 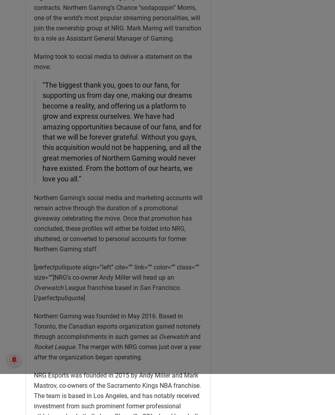 What do you see at coordinates (117, 326) in the screenshot?
I see `'Northern Gaming was founded in May 2016. Based in Toronto, the Canadian esports organization gained notoriety through accomplishments in such games as'` at bounding box center [117, 326].